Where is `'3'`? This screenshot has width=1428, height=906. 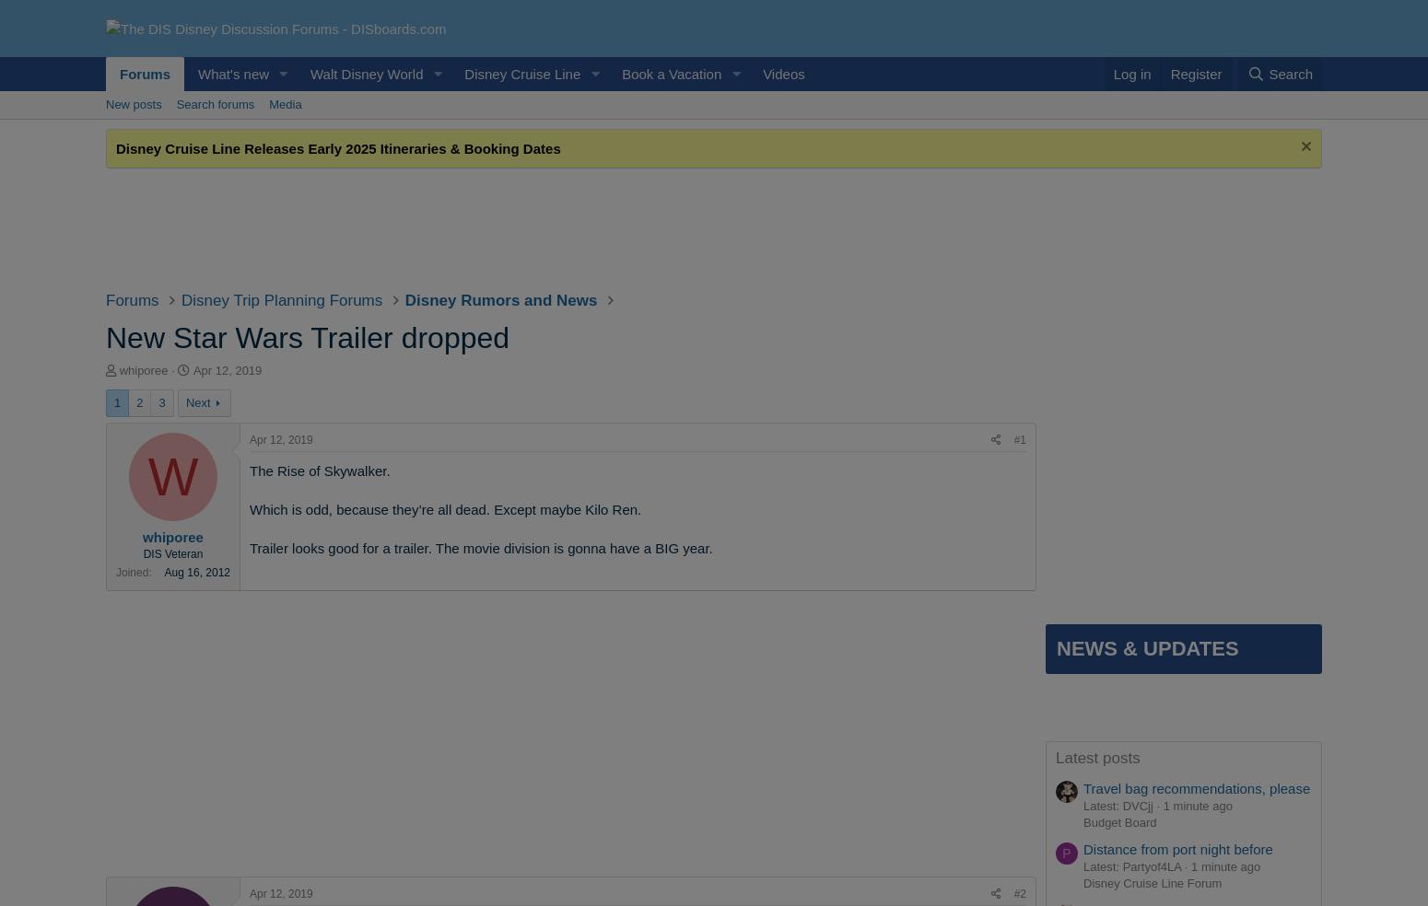 '3' is located at coordinates (160, 401).